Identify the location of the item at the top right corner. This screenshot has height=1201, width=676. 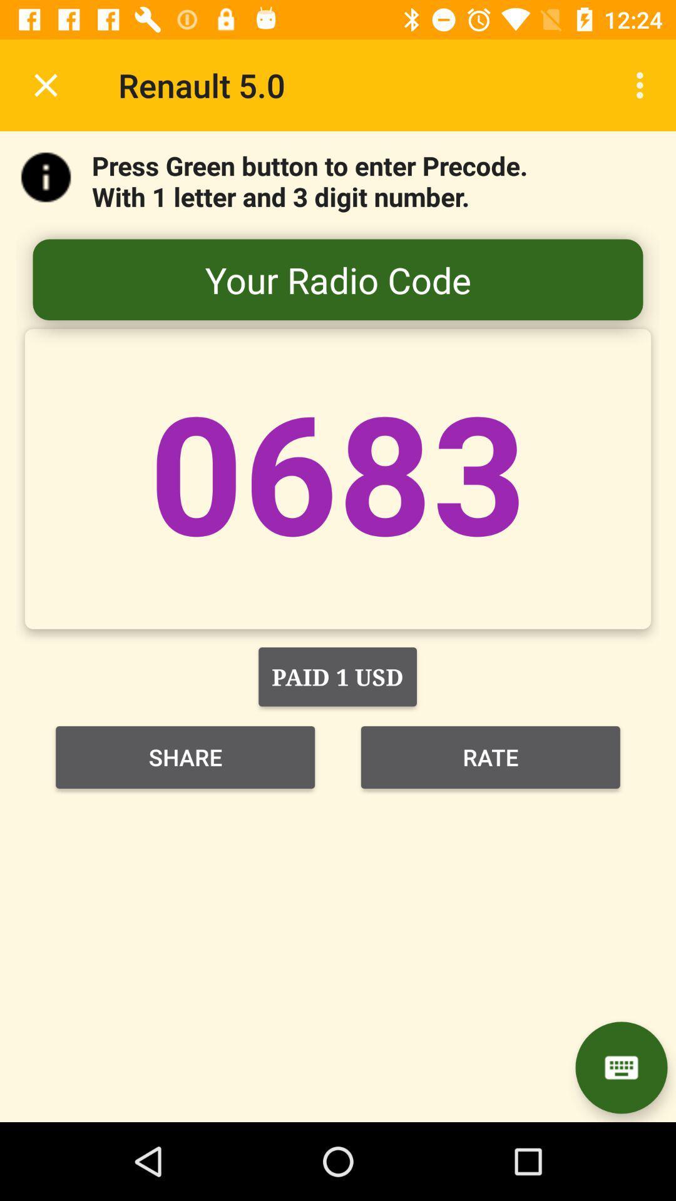
(643, 84).